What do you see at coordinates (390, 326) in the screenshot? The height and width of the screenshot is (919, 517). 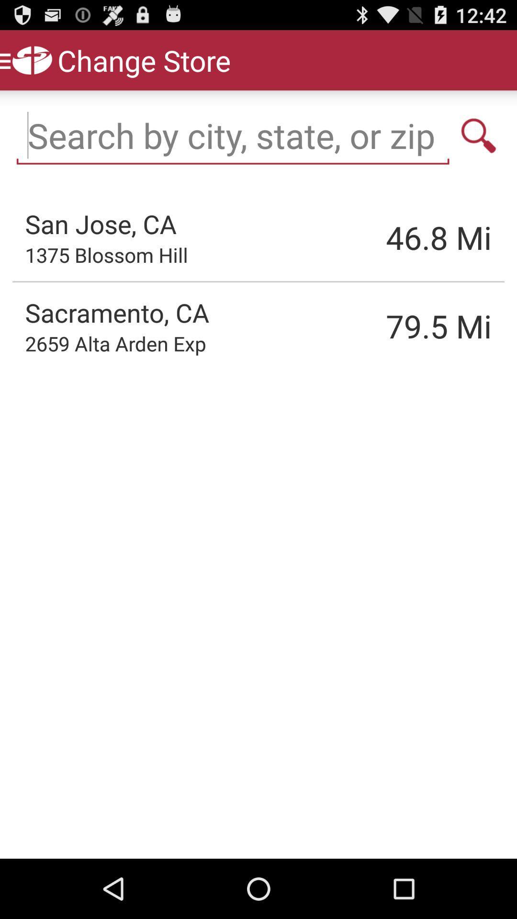 I see `the icon below the 46.8 item` at bounding box center [390, 326].